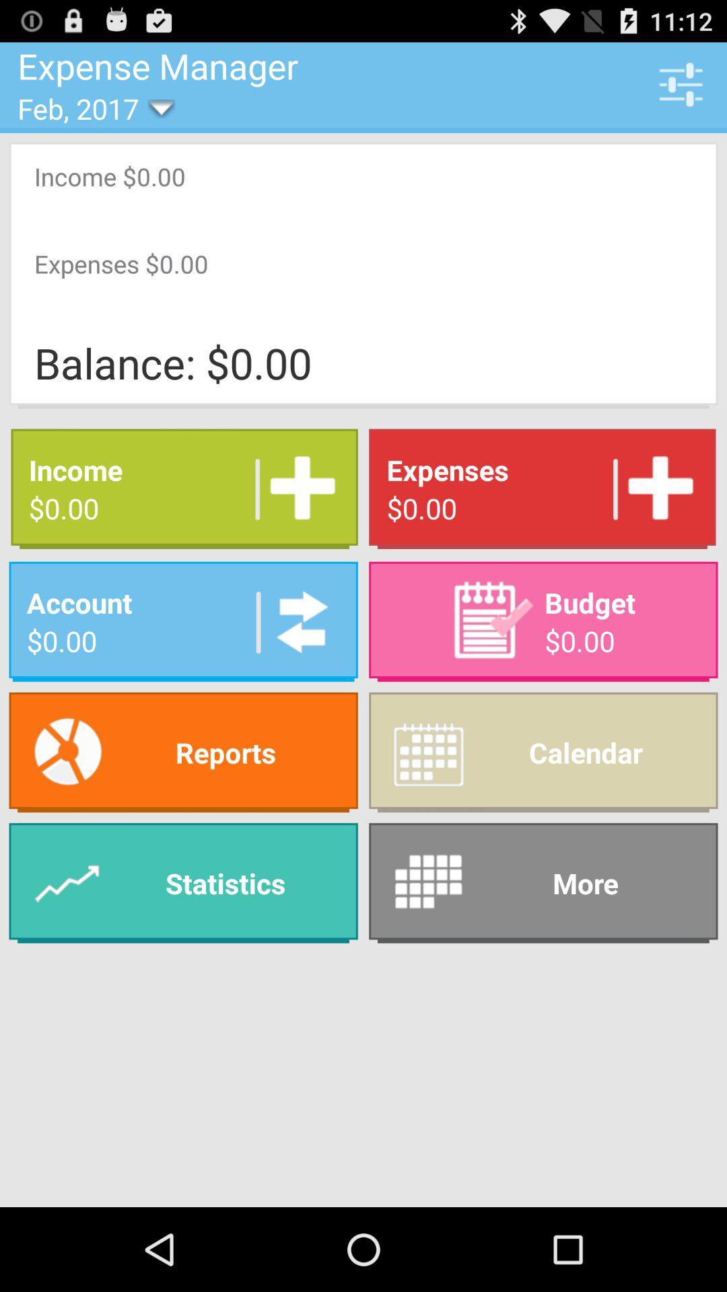  I want to click on incoome, so click(297, 488).